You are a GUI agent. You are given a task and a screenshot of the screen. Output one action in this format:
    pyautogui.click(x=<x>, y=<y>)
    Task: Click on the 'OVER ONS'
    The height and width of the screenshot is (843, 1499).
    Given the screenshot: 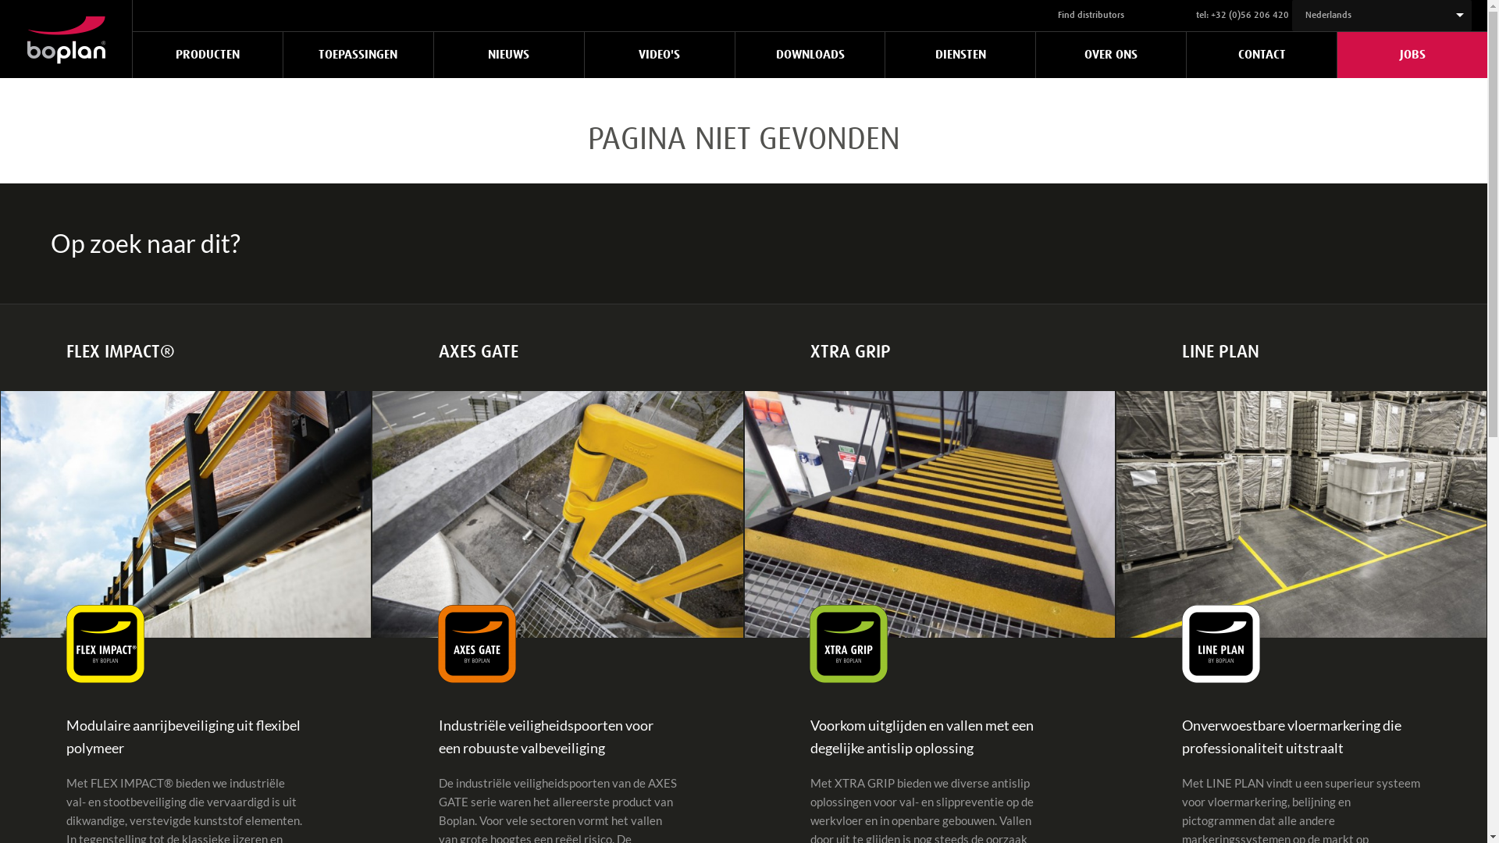 What is the action you would take?
    pyautogui.click(x=1035, y=54)
    